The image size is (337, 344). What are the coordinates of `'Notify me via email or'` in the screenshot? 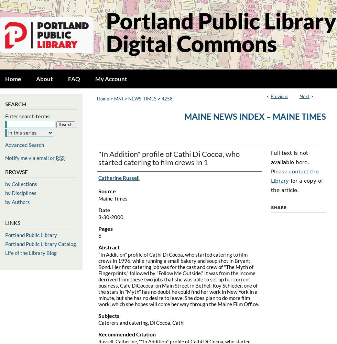 It's located at (5, 158).